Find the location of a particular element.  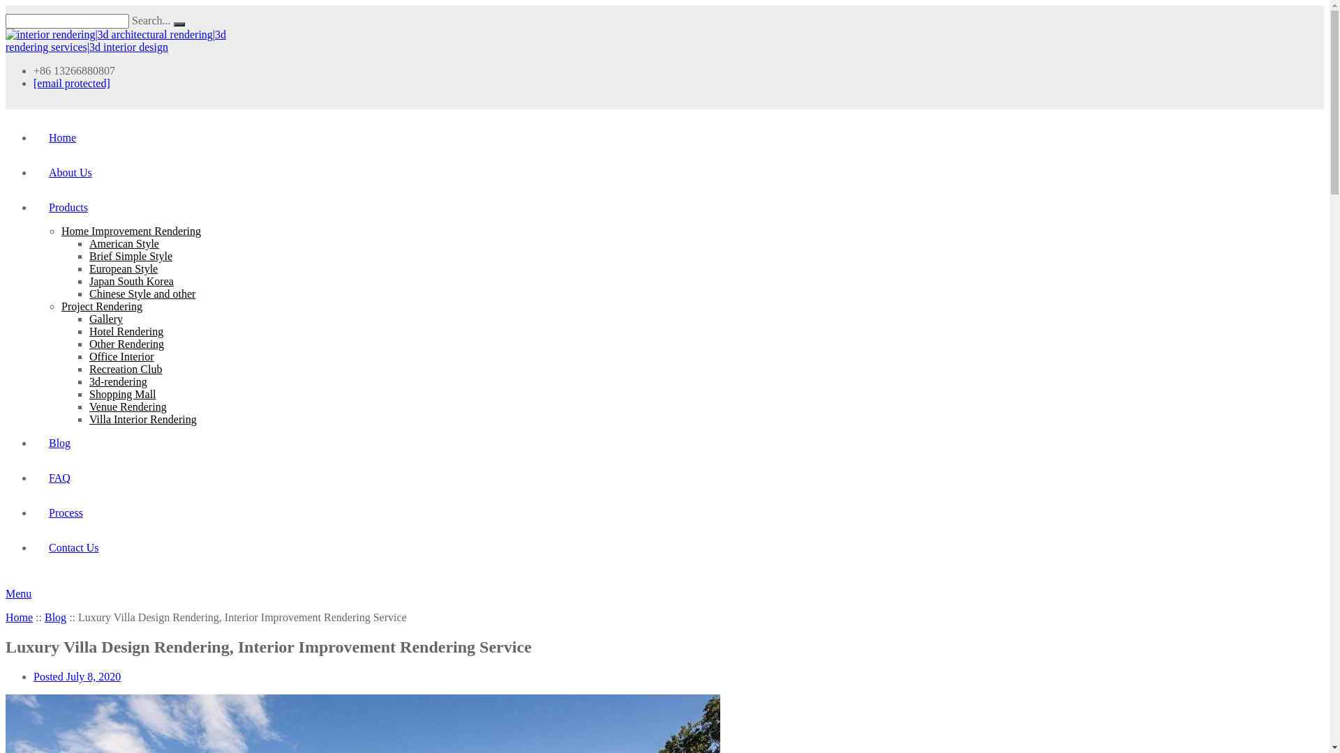

'Hotel Rendering' is located at coordinates (126, 331).